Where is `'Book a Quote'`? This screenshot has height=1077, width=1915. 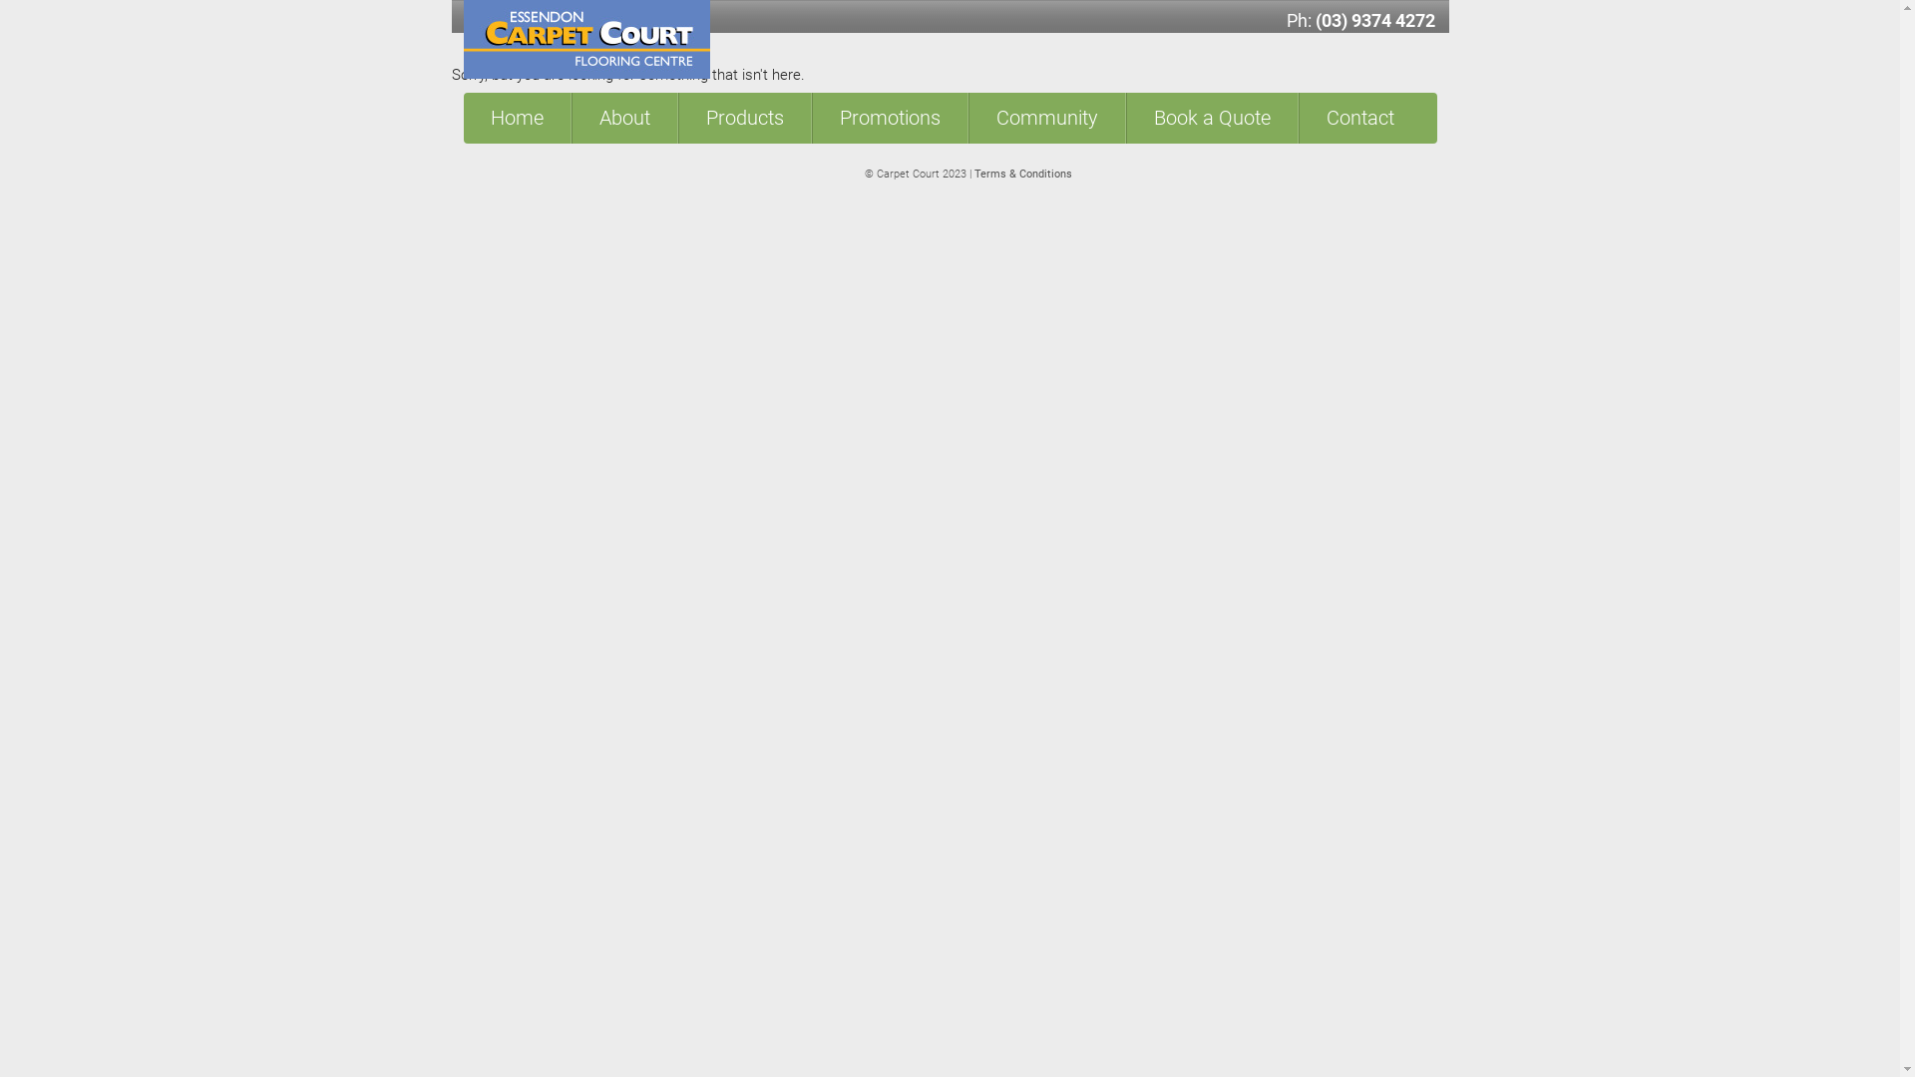 'Book a Quote' is located at coordinates (1210, 118).